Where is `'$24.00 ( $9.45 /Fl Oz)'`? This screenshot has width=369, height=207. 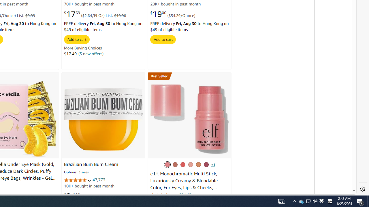
'$24.00 ( $9.45 /Fl Oz)' is located at coordinates (84, 195).